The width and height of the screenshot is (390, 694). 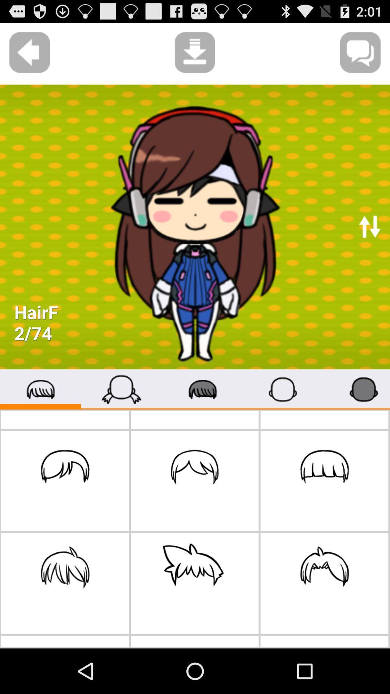 What do you see at coordinates (360, 52) in the screenshot?
I see `the chat icon on the top right corner of the web page` at bounding box center [360, 52].